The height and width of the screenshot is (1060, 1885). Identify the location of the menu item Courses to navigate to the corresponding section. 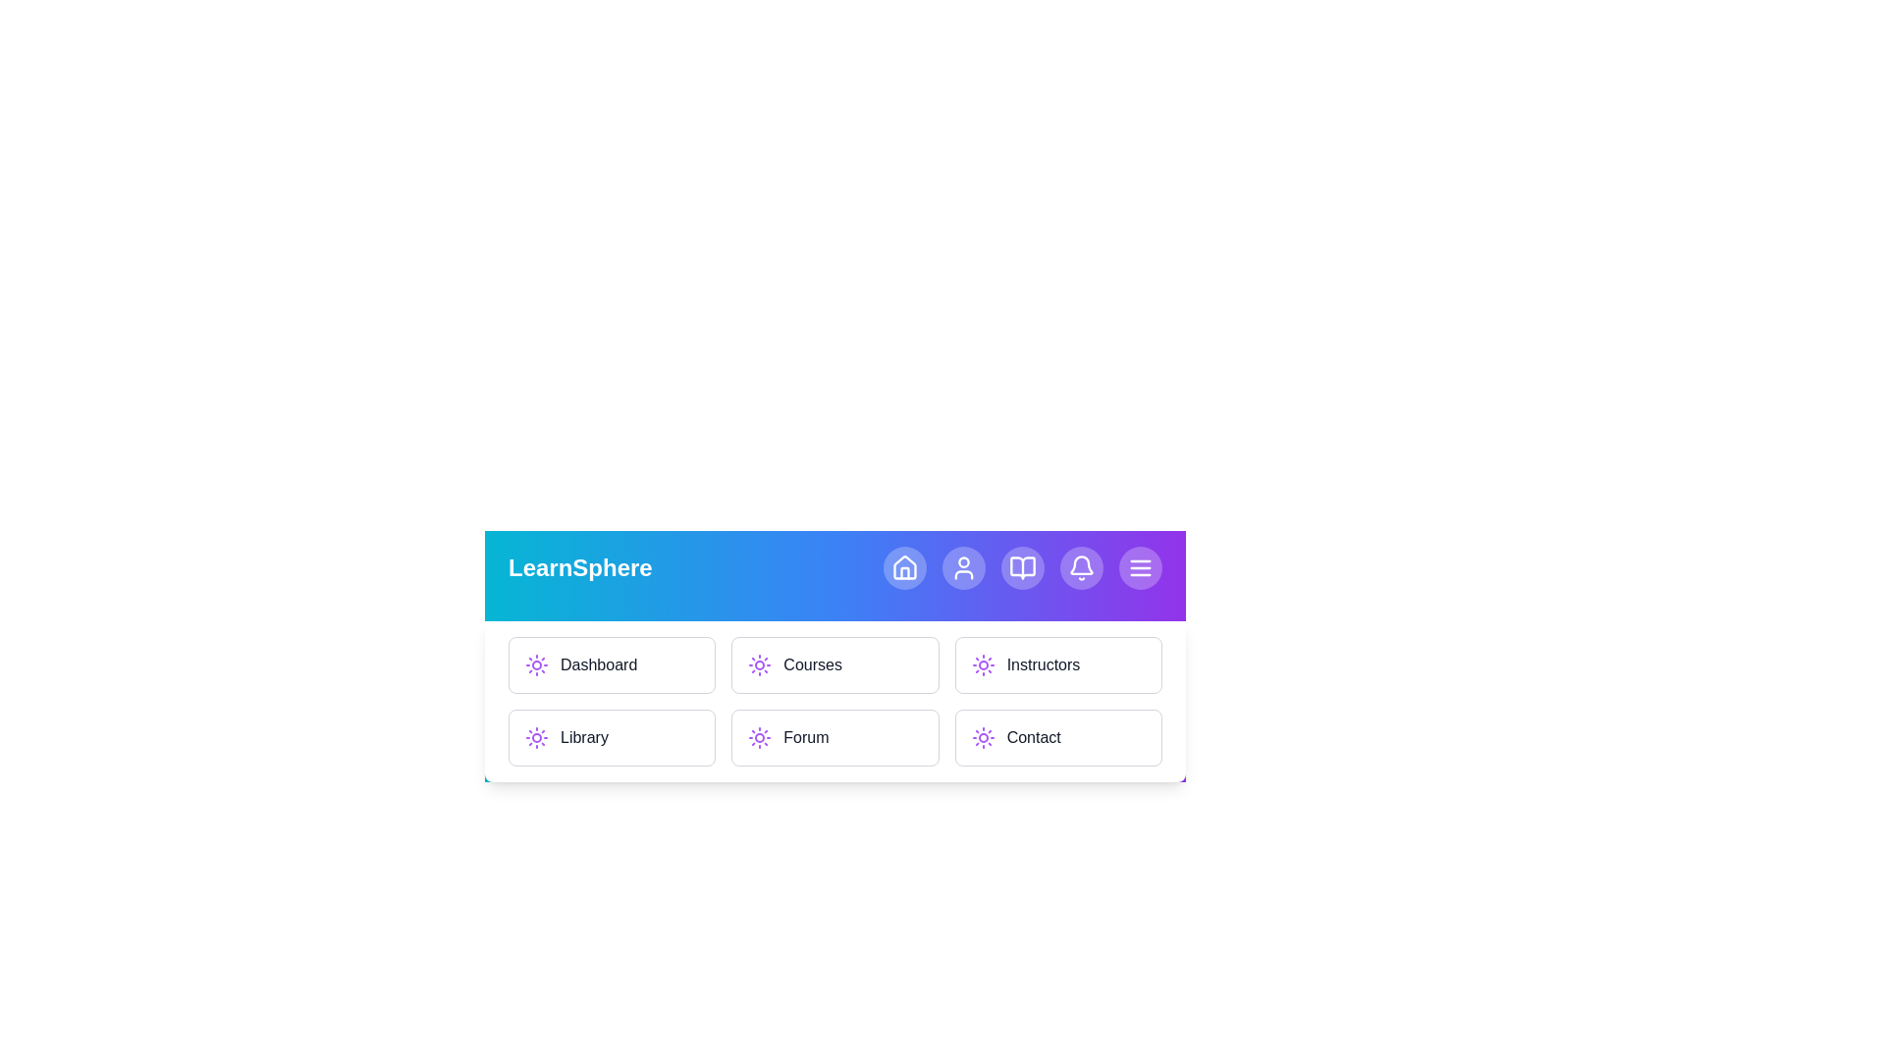
(835, 664).